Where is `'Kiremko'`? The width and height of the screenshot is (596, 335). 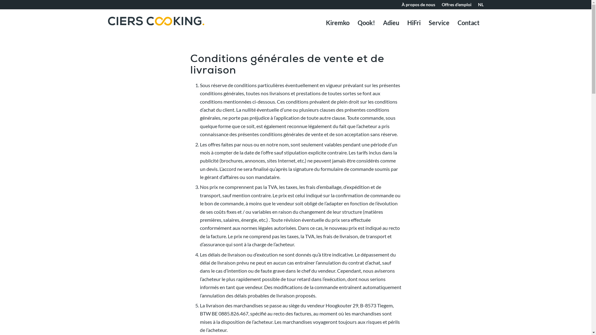
'Kiremko' is located at coordinates (322, 22).